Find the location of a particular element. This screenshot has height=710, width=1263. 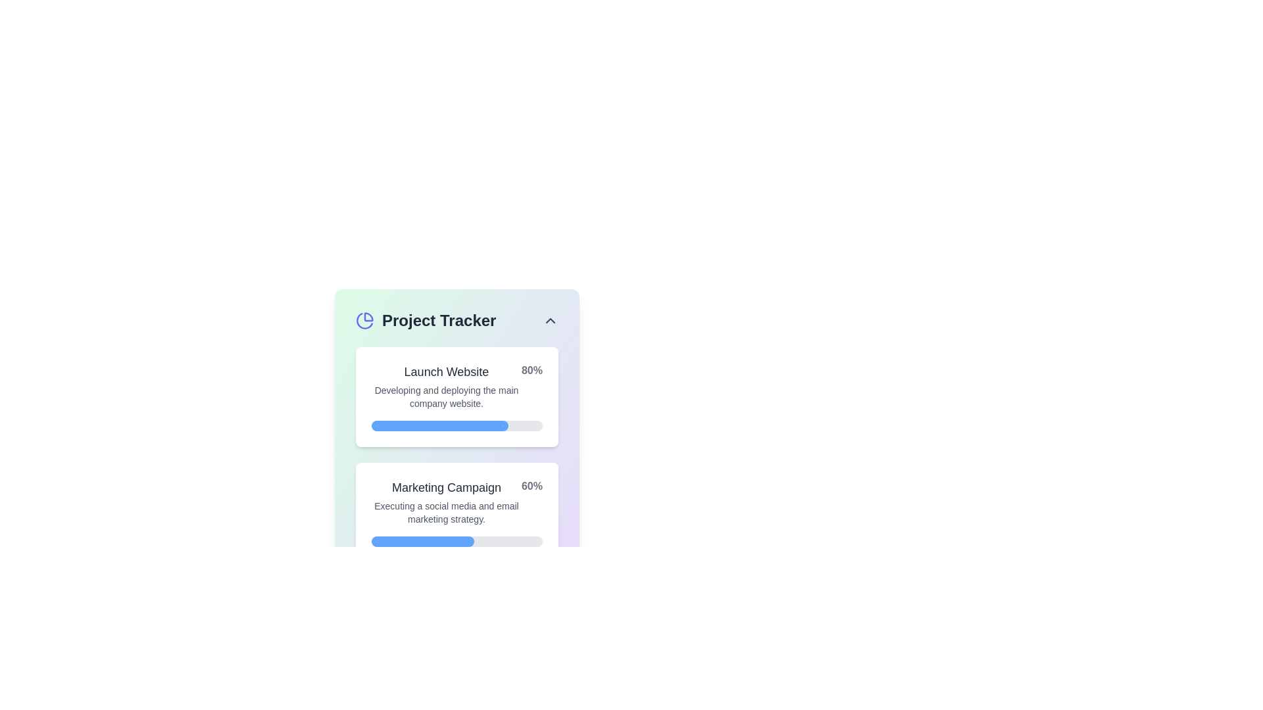

text content of the Text element displaying 'Launch Website' in a dark gray font, which is located in the first card under the title 'Project Tracker' is located at coordinates (446, 385).